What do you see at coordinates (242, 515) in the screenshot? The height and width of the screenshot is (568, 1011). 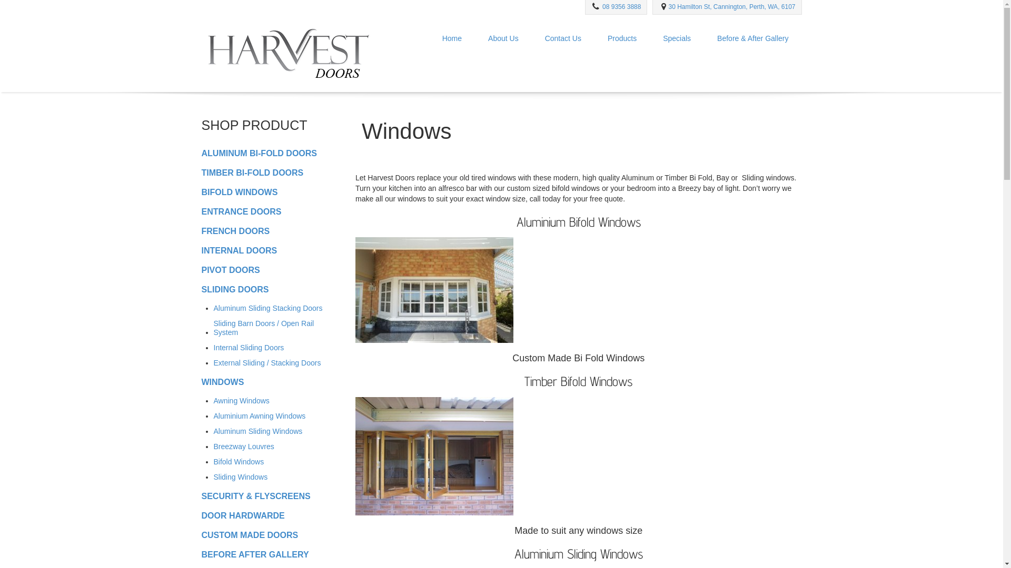 I see `'DOOR HARDWARDE'` at bounding box center [242, 515].